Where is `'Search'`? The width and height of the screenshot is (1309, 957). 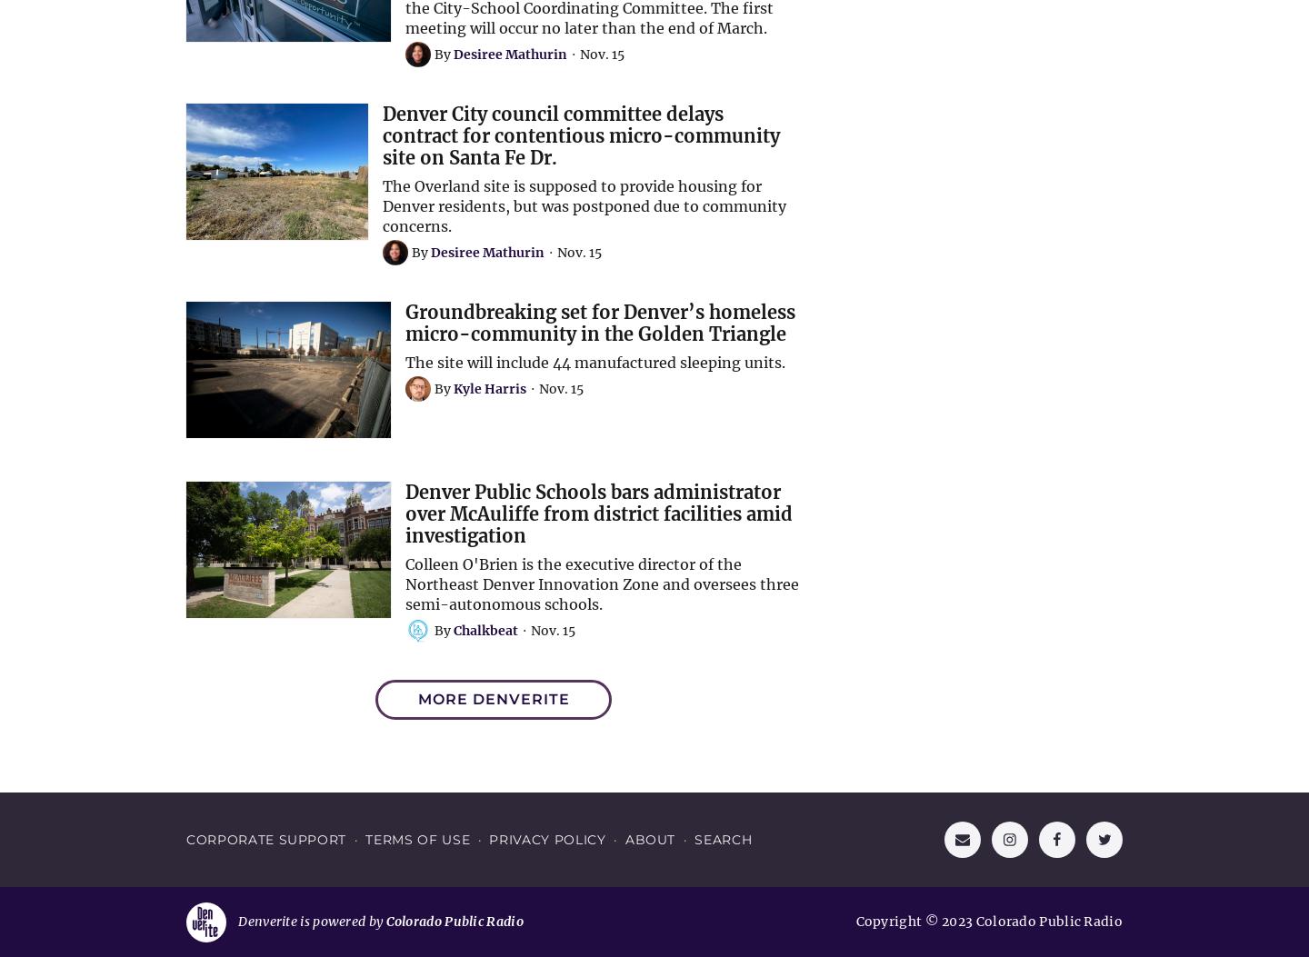 'Search' is located at coordinates (723, 839).